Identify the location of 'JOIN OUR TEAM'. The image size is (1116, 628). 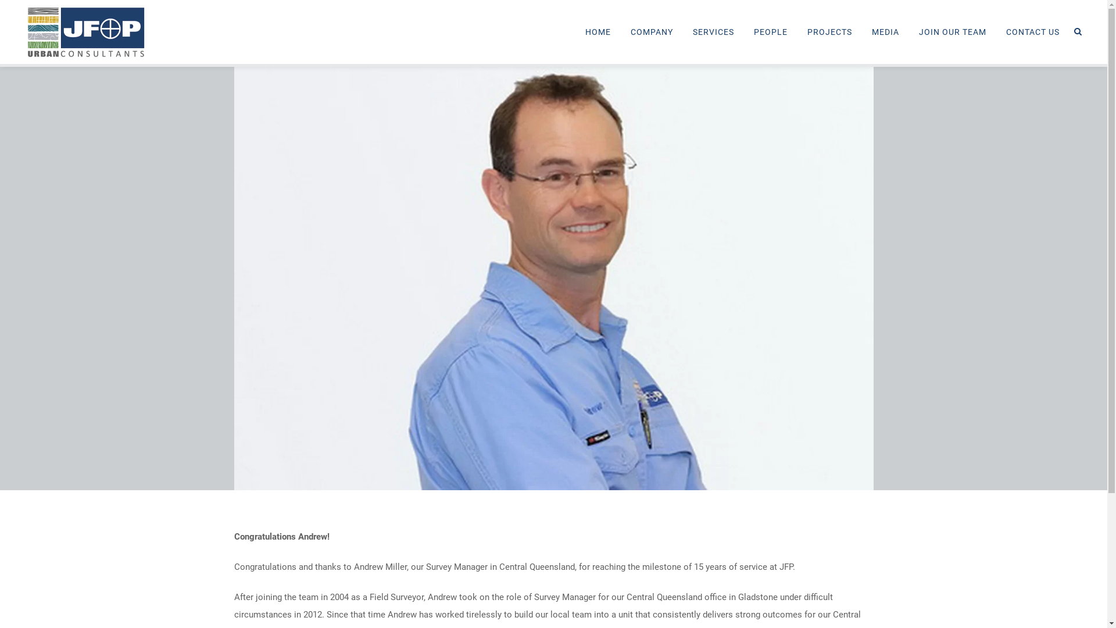
(952, 31).